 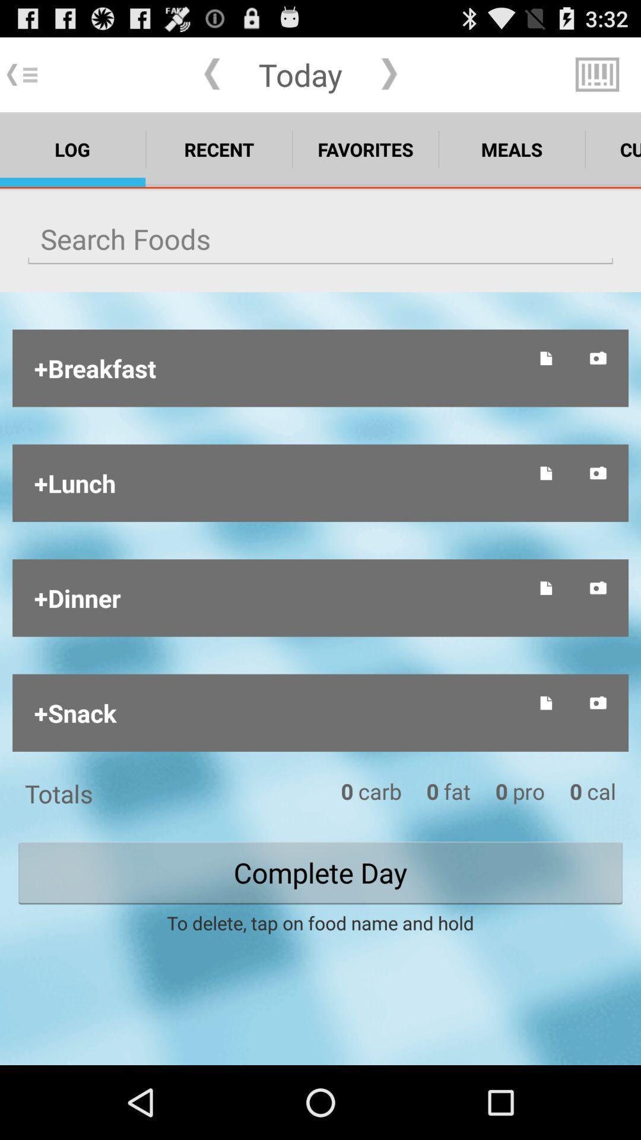 I want to click on the icon which is after breakfast, so click(x=547, y=357).